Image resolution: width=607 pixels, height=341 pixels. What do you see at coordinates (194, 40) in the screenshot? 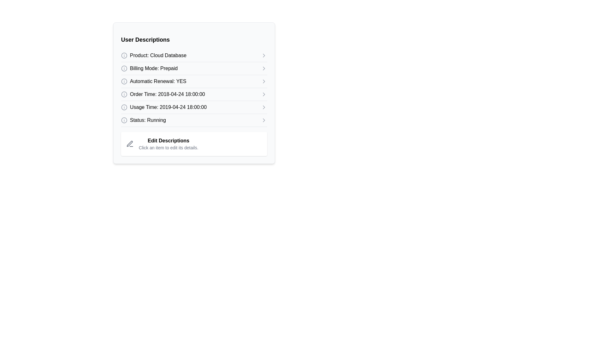
I see `the text label element that serves as a heading within the card, positioned at the top and horizontally centered` at bounding box center [194, 40].